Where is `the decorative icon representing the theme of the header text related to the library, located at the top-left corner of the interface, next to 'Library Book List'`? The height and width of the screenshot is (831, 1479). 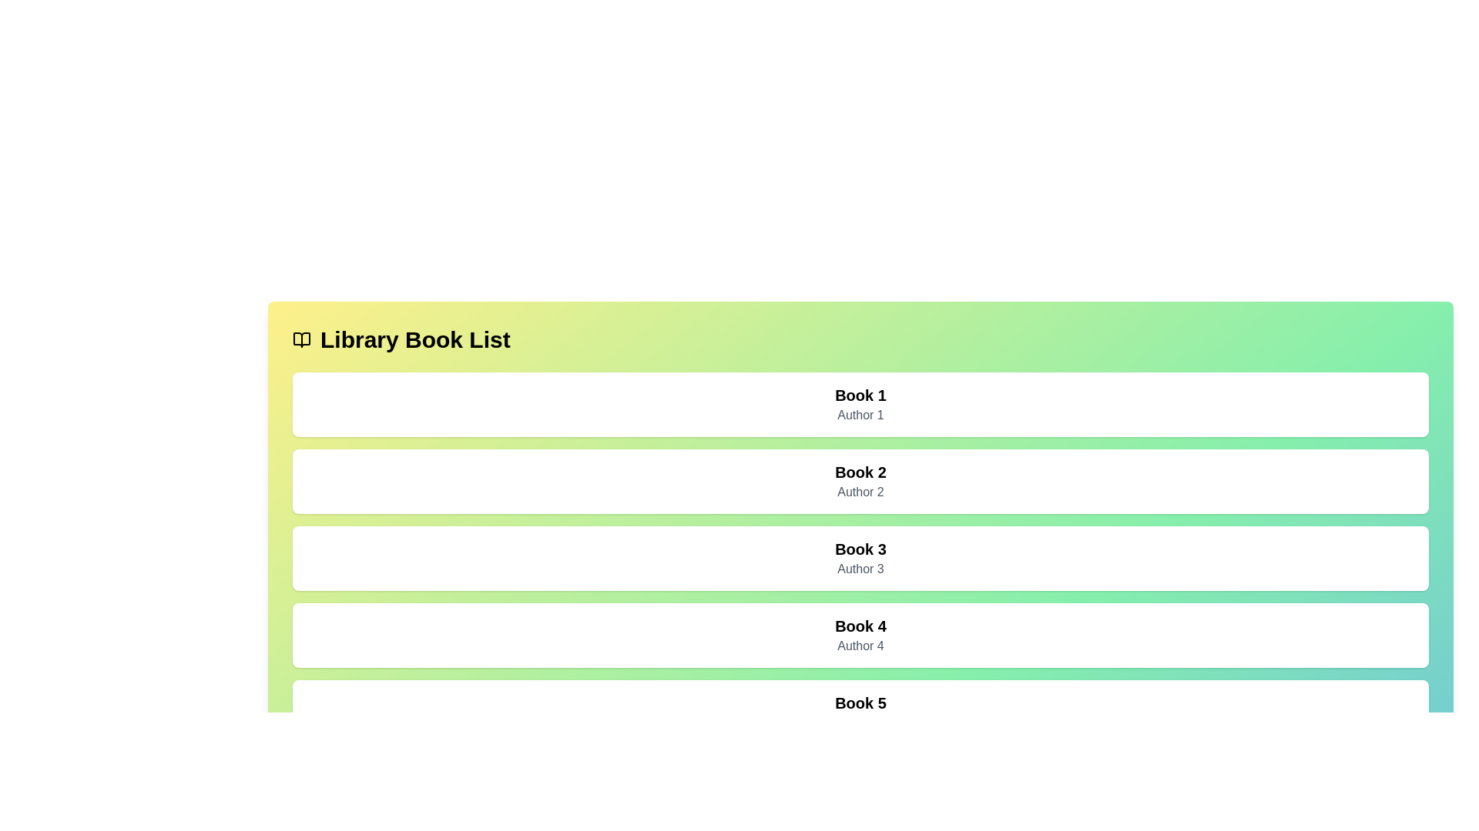 the decorative icon representing the theme of the header text related to the library, located at the top-left corner of the interface, next to 'Library Book List' is located at coordinates (302, 339).